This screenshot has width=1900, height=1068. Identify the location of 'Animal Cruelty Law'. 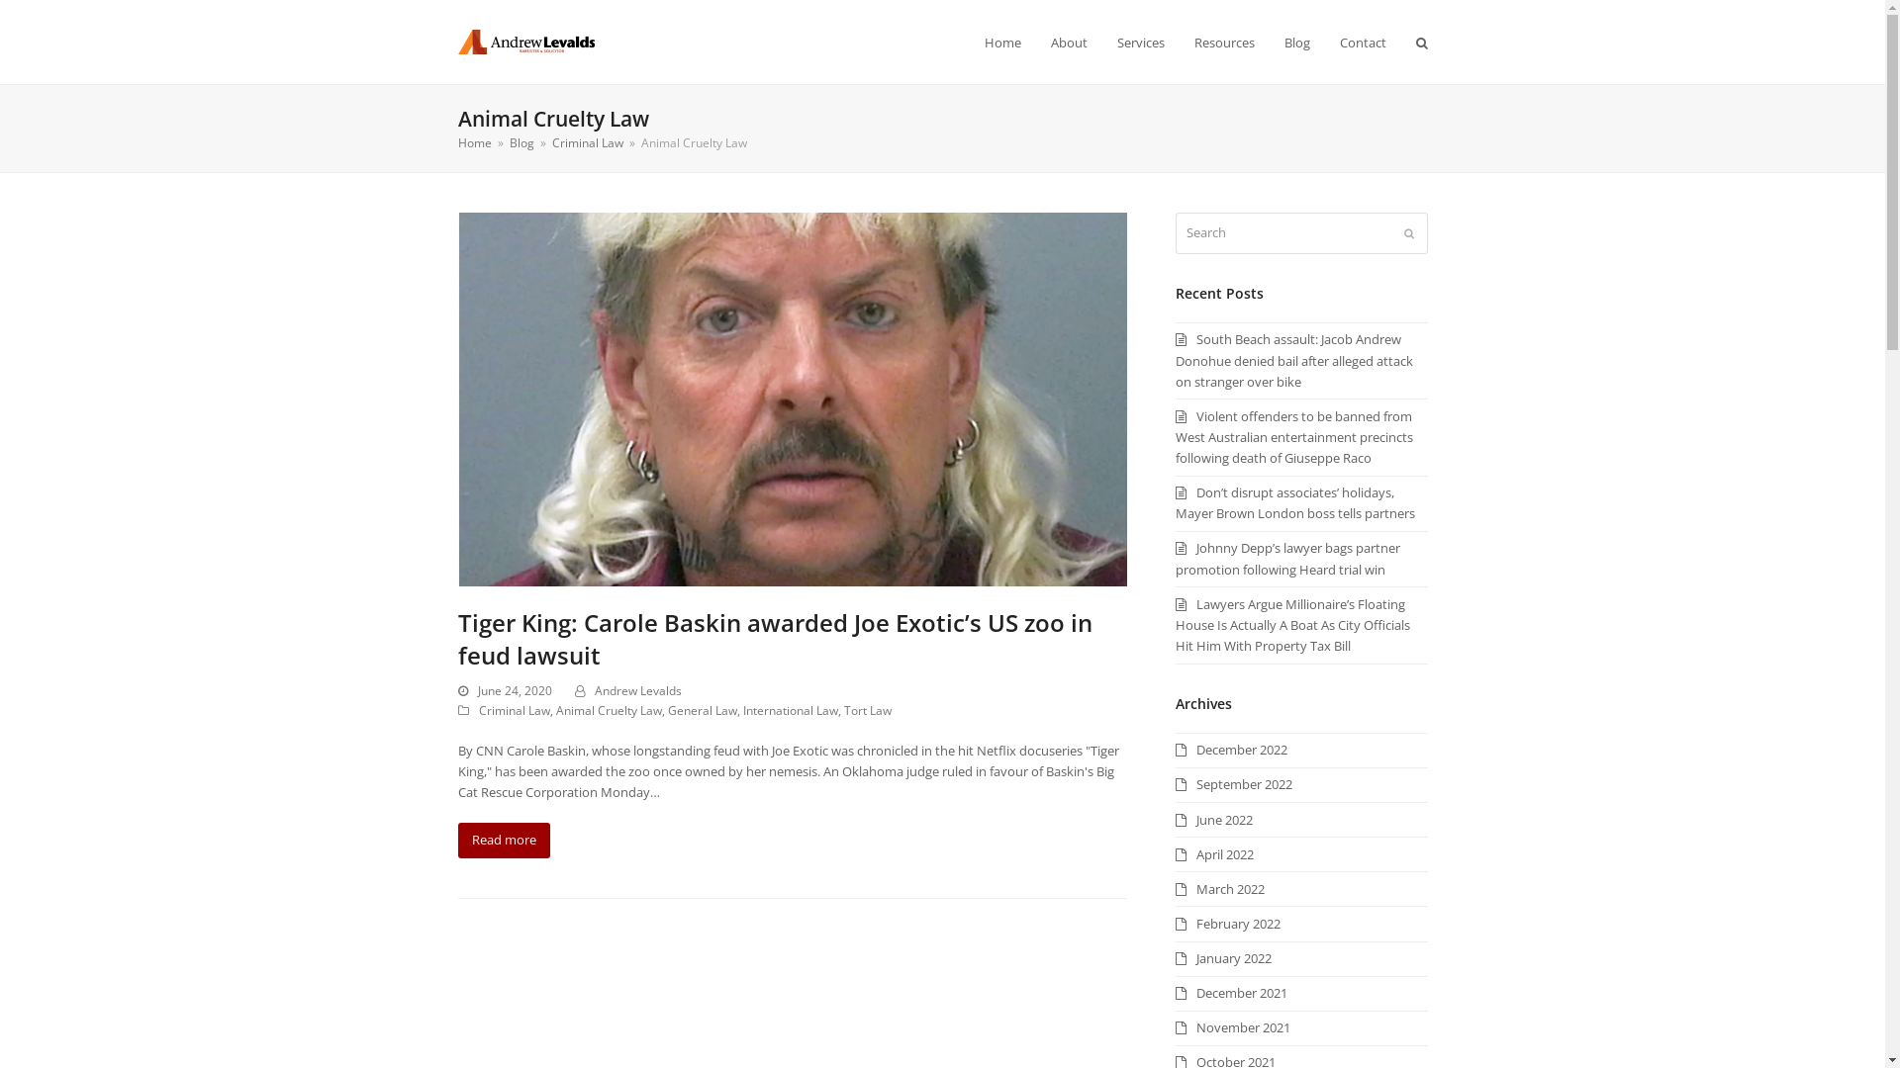
(608, 709).